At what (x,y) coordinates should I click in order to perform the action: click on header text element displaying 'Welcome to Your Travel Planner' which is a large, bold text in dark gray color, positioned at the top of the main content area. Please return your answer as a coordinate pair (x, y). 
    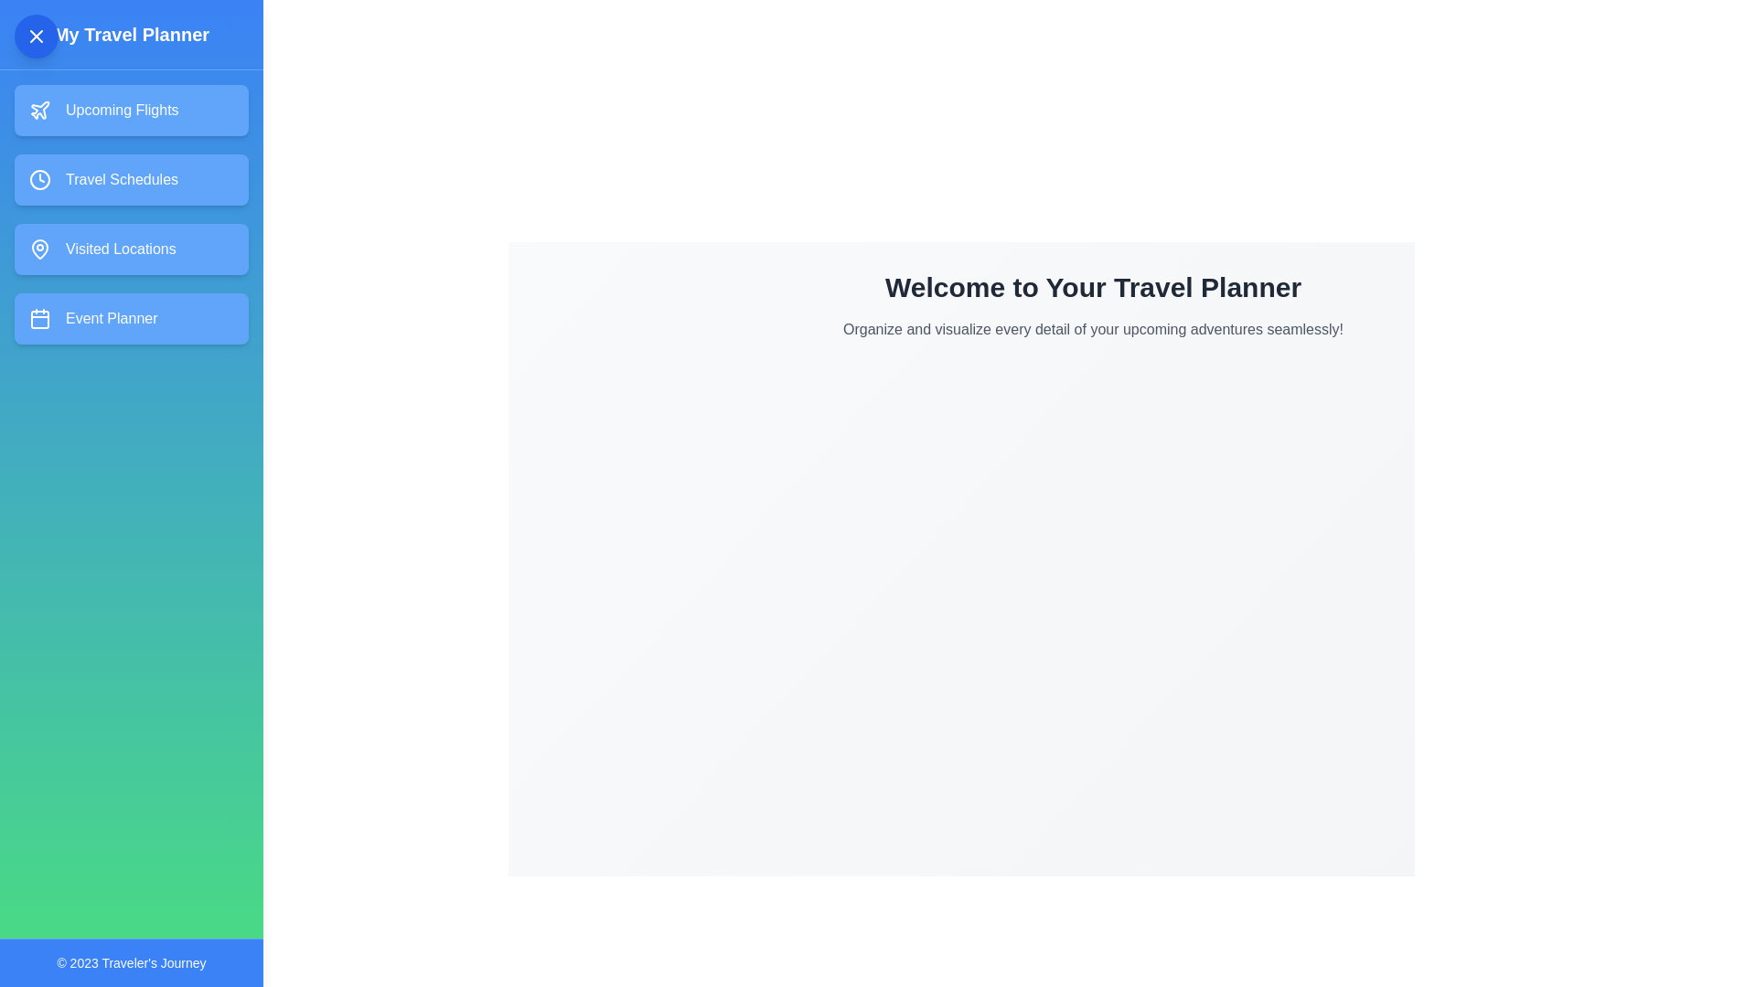
    Looking at the image, I should click on (1093, 288).